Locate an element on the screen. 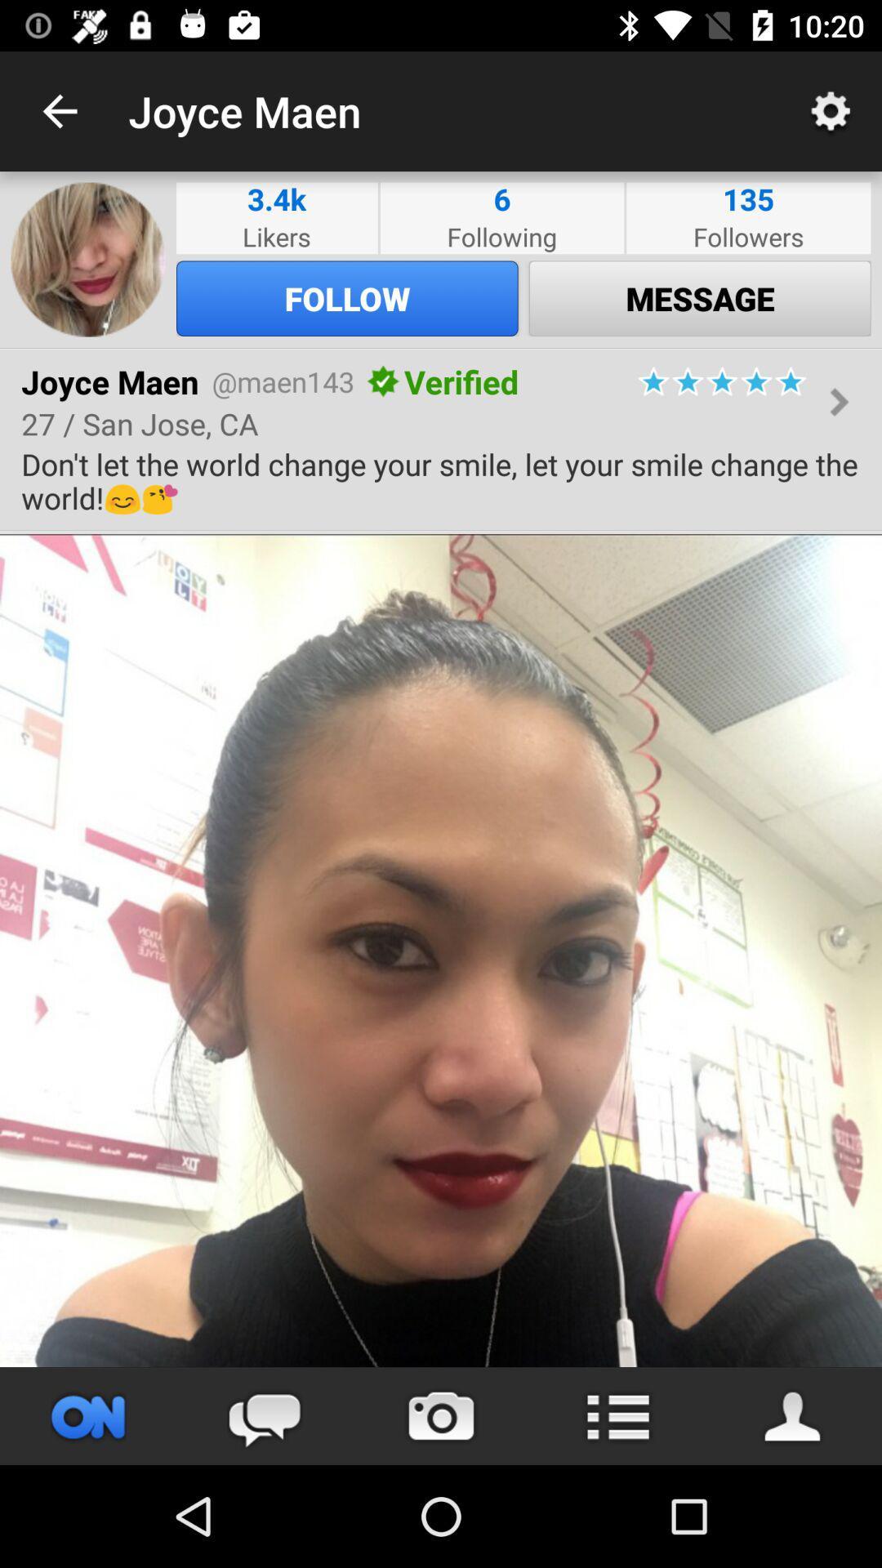 This screenshot has width=882, height=1568. the item above the message icon is located at coordinates (748, 235).